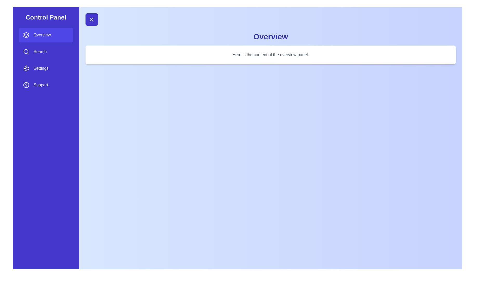  I want to click on the panel Settings from the sidebar, so click(46, 68).